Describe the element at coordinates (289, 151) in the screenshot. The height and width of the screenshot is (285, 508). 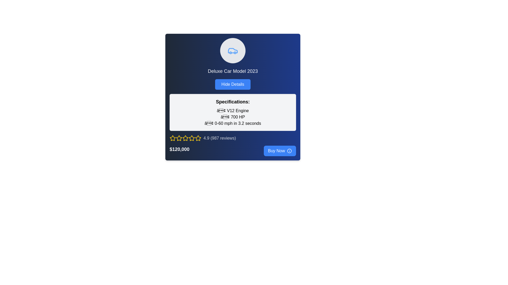
I see `the circular icon with a radius of 10 pixels located at the center of the Buy Now button toward the right of the card's footer area` at that location.